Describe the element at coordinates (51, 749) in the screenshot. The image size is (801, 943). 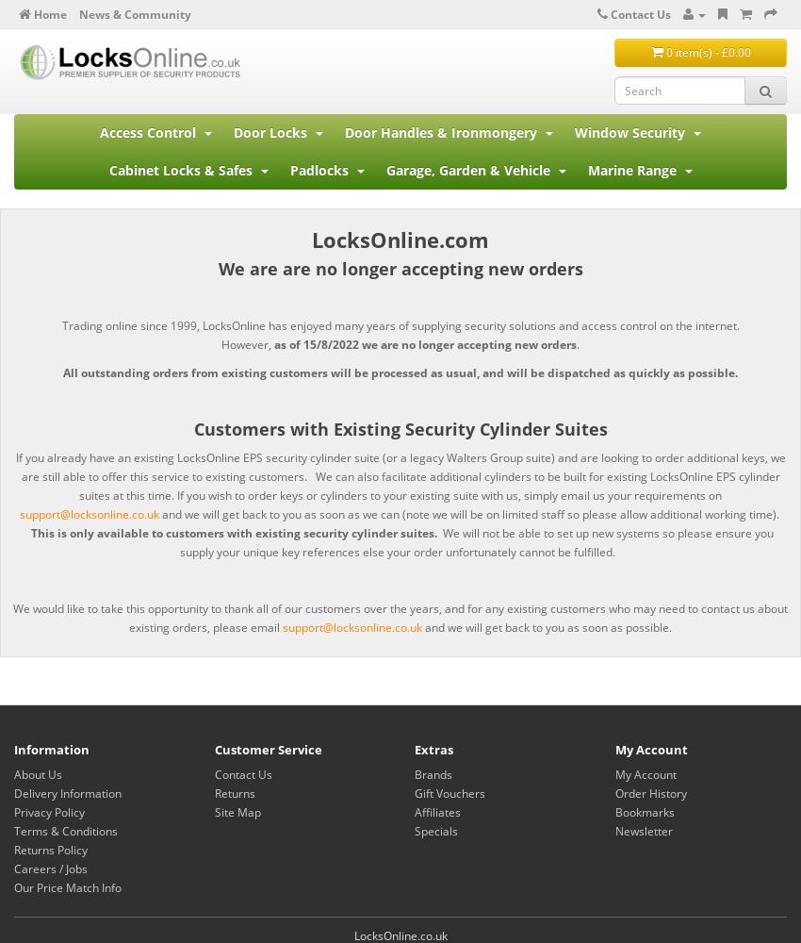
I see `'Information'` at that location.